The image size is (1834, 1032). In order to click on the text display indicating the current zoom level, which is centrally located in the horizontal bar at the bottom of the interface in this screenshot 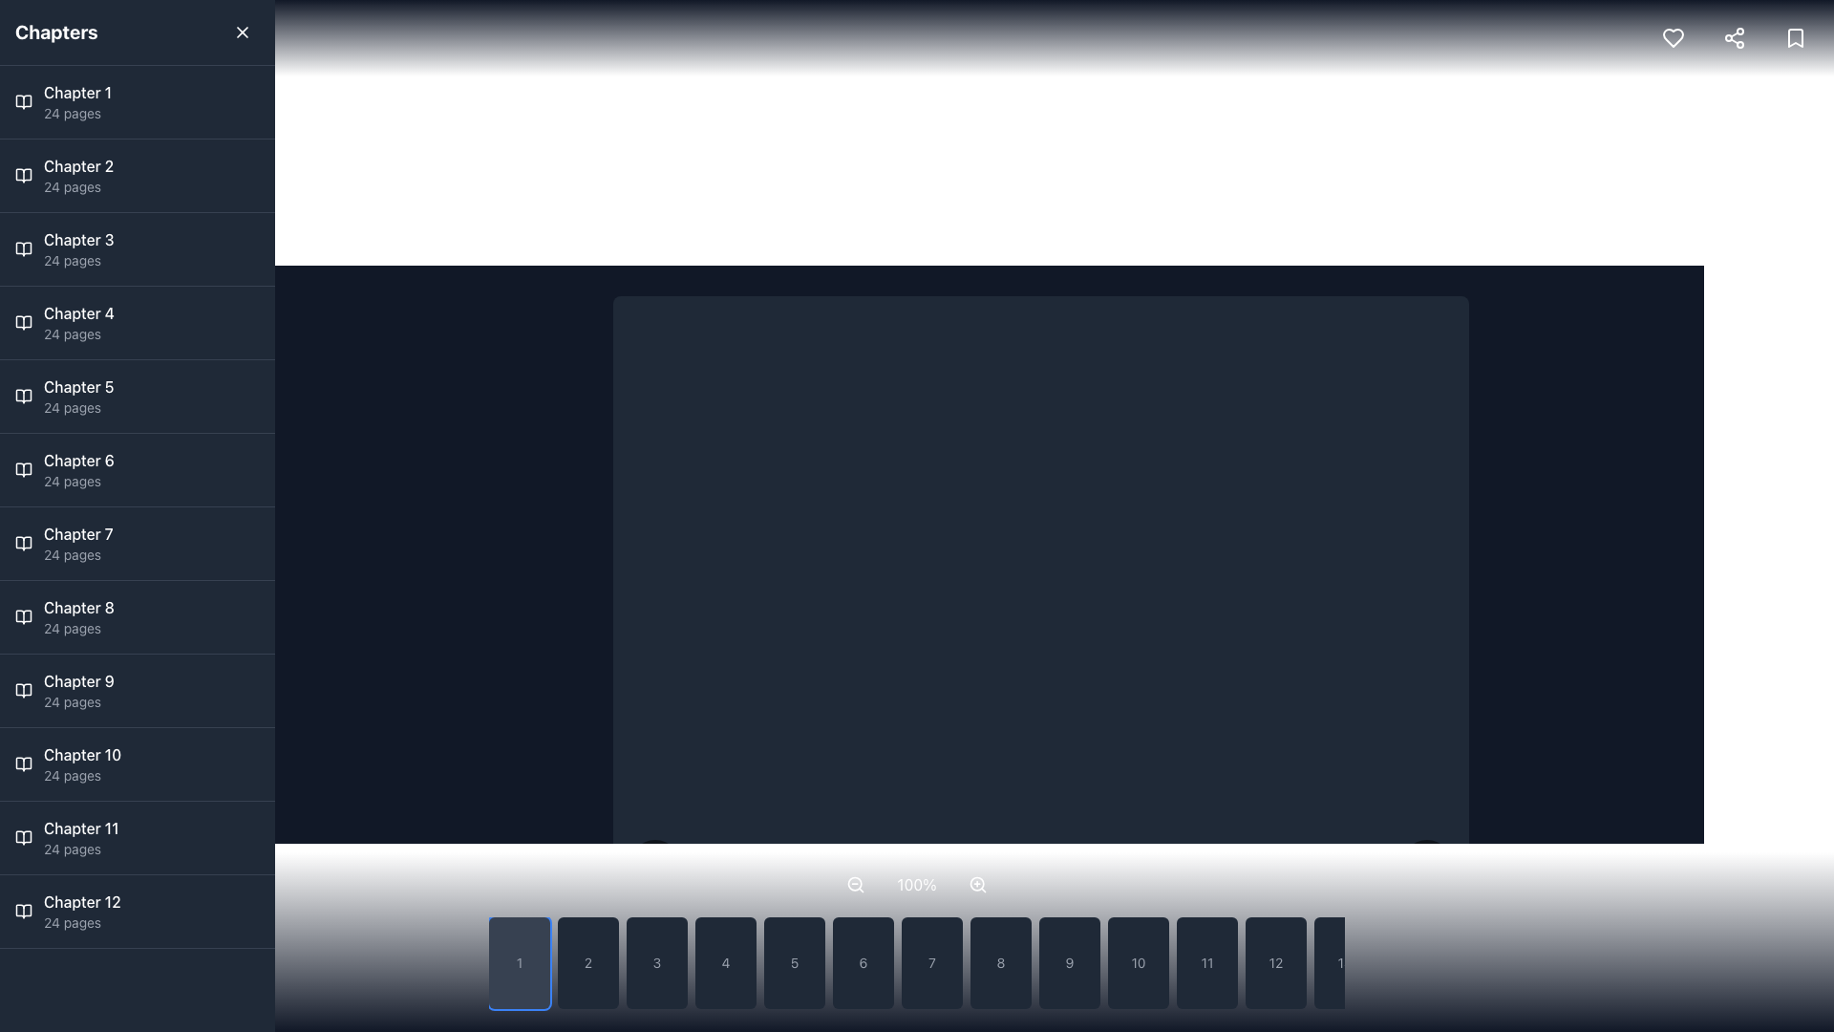, I will do `click(917, 884)`.